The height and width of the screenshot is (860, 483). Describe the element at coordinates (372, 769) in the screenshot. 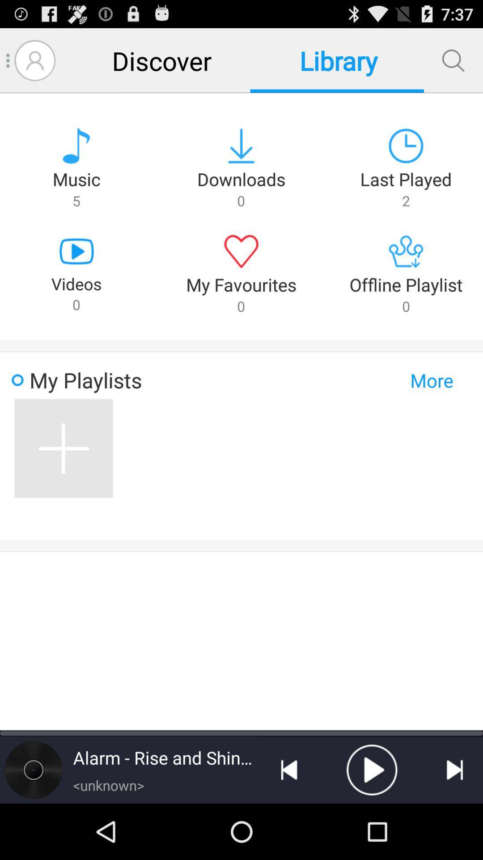

I see `the soundtrack` at that location.